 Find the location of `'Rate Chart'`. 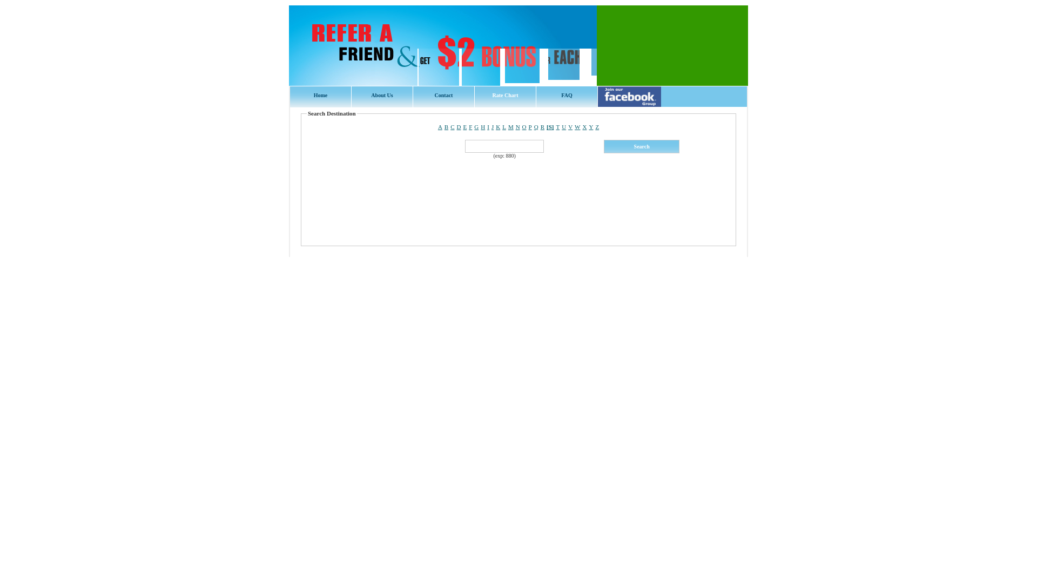

'Rate Chart' is located at coordinates (505, 96).